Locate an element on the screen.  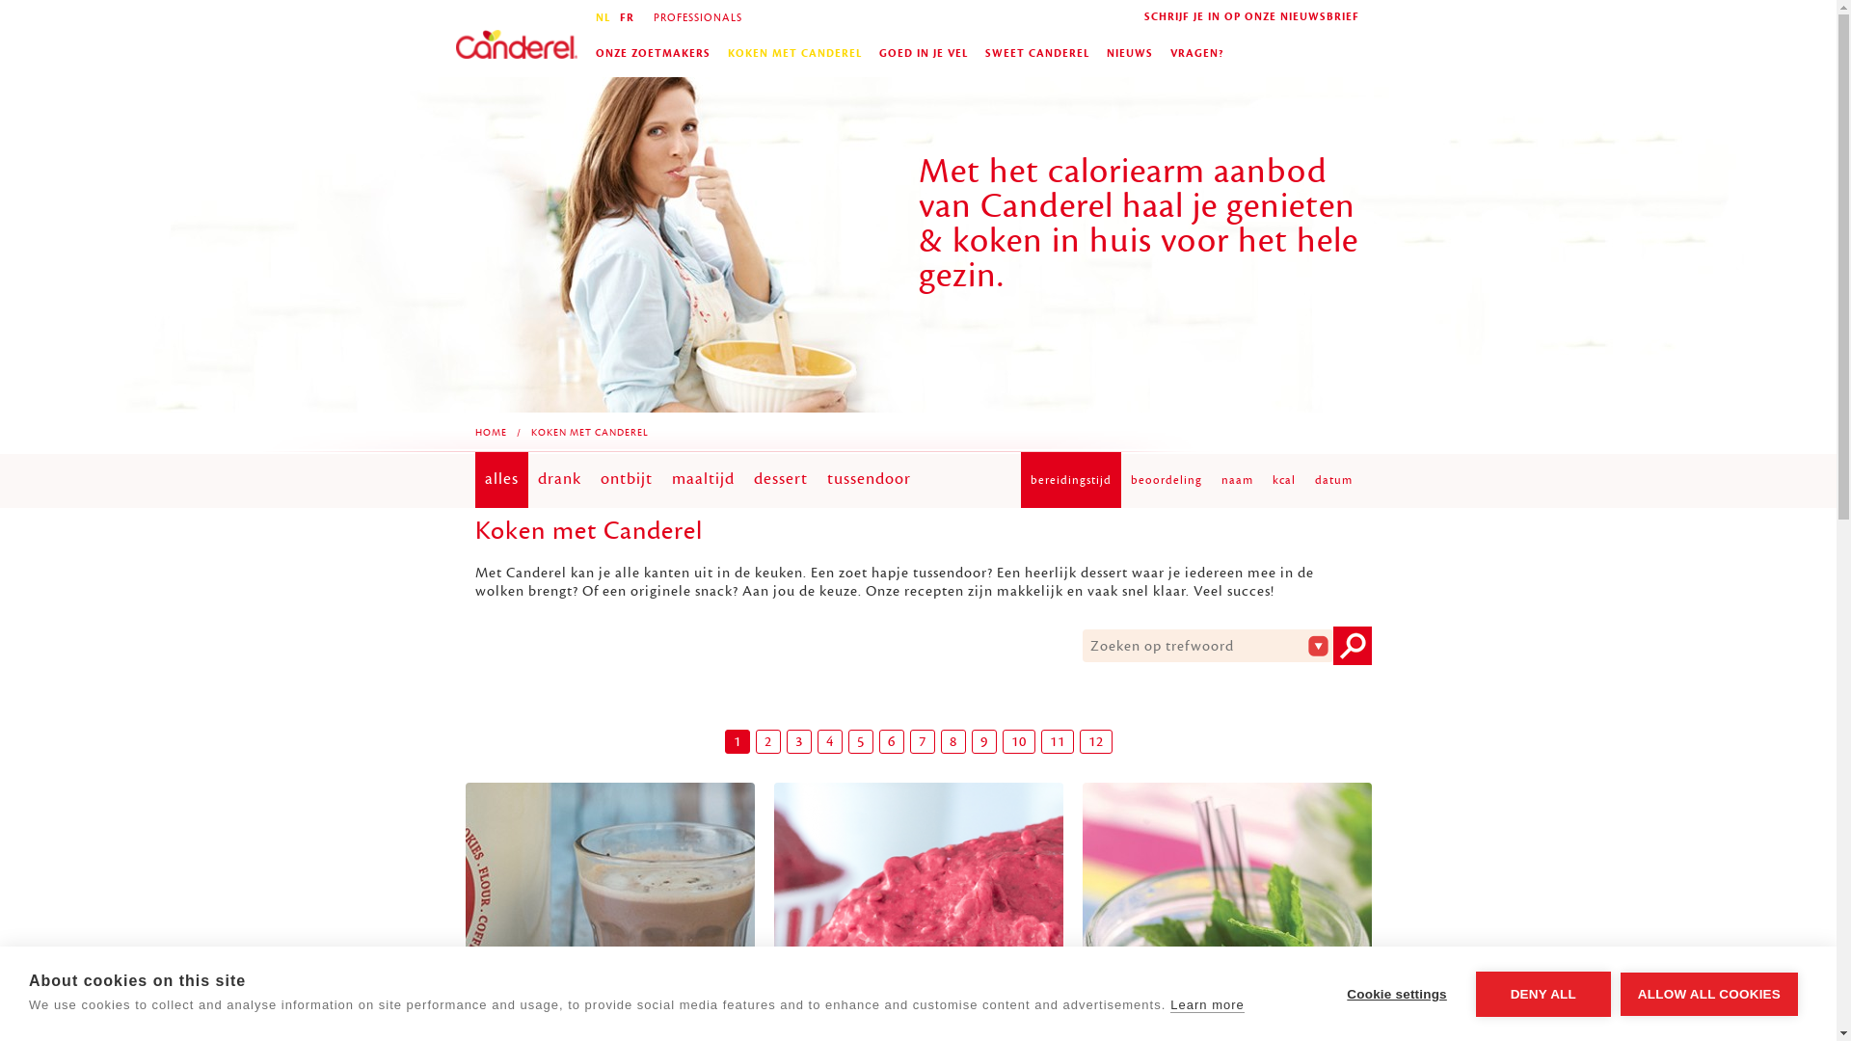
'ALLOW ALL COOKIES' is located at coordinates (1620, 993).